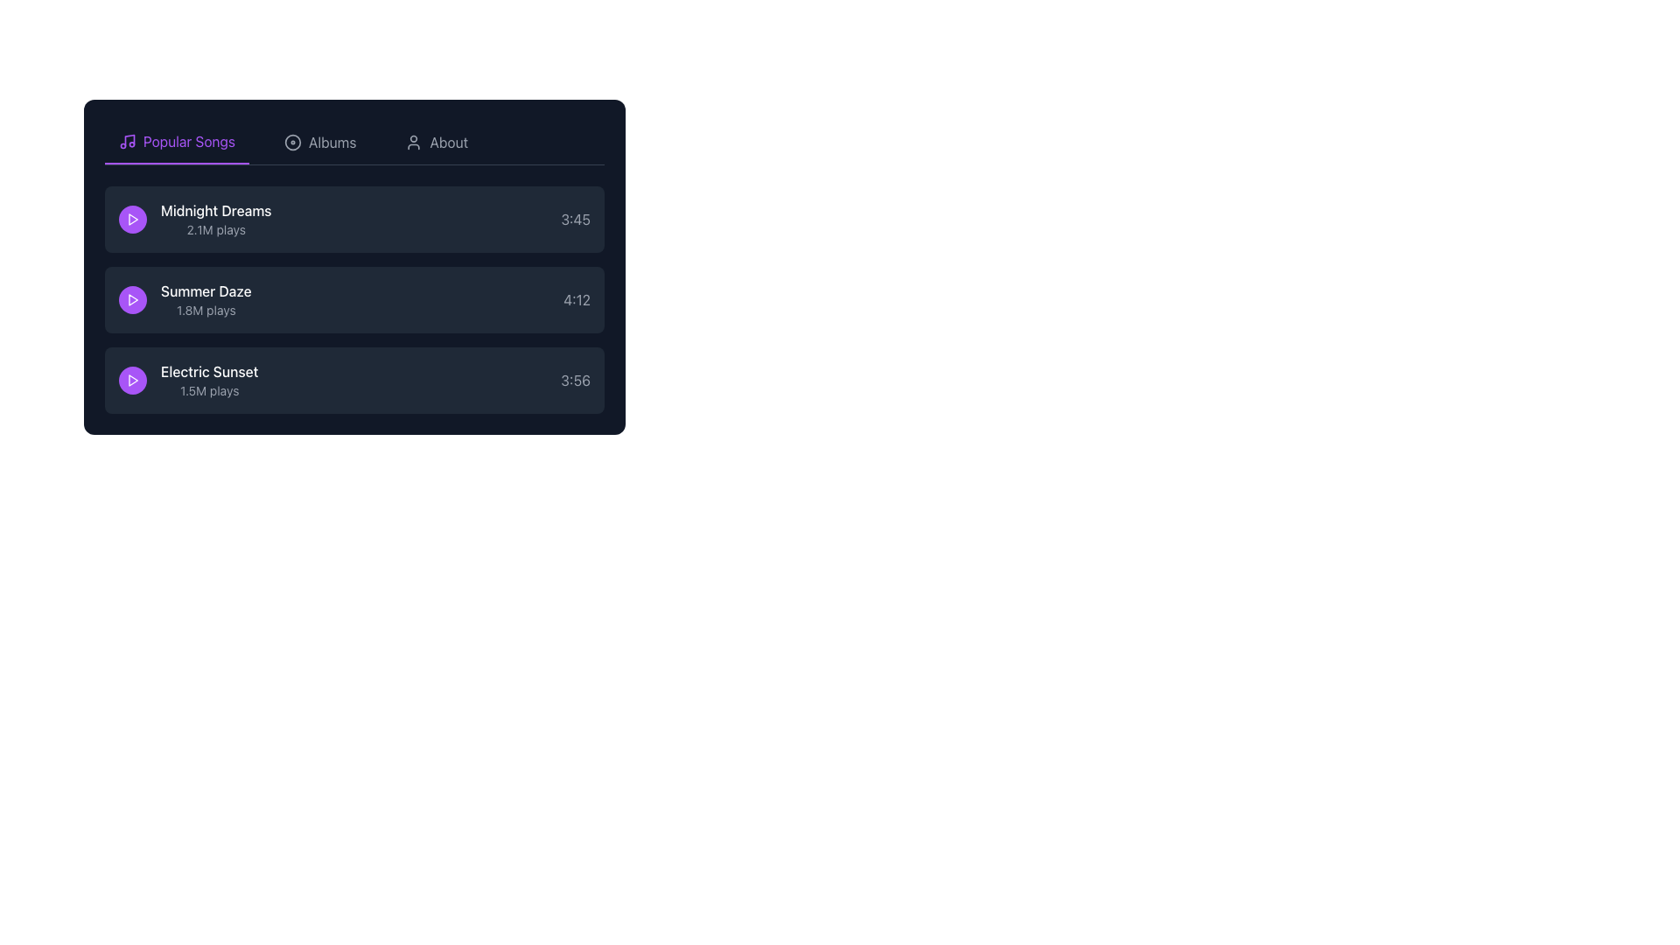 The image size is (1680, 945). I want to click on the Text label displaying 'Summer Daze' and '1.8M plays', which is the second item in the vertical list of songs under the 'Popular Songs' section, so click(206, 299).